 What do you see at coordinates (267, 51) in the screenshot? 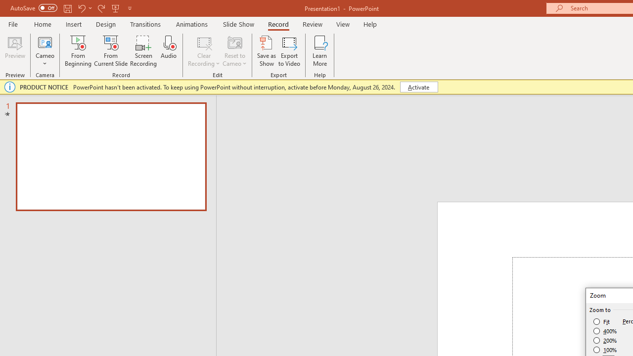
I see `'Save as Show'` at bounding box center [267, 51].